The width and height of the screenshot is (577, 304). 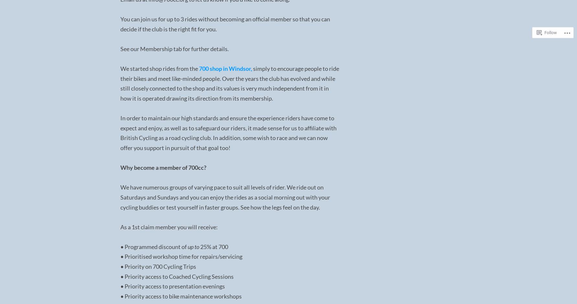 I want to click on '• Priority on 700 Cycling Trips', so click(x=158, y=266).